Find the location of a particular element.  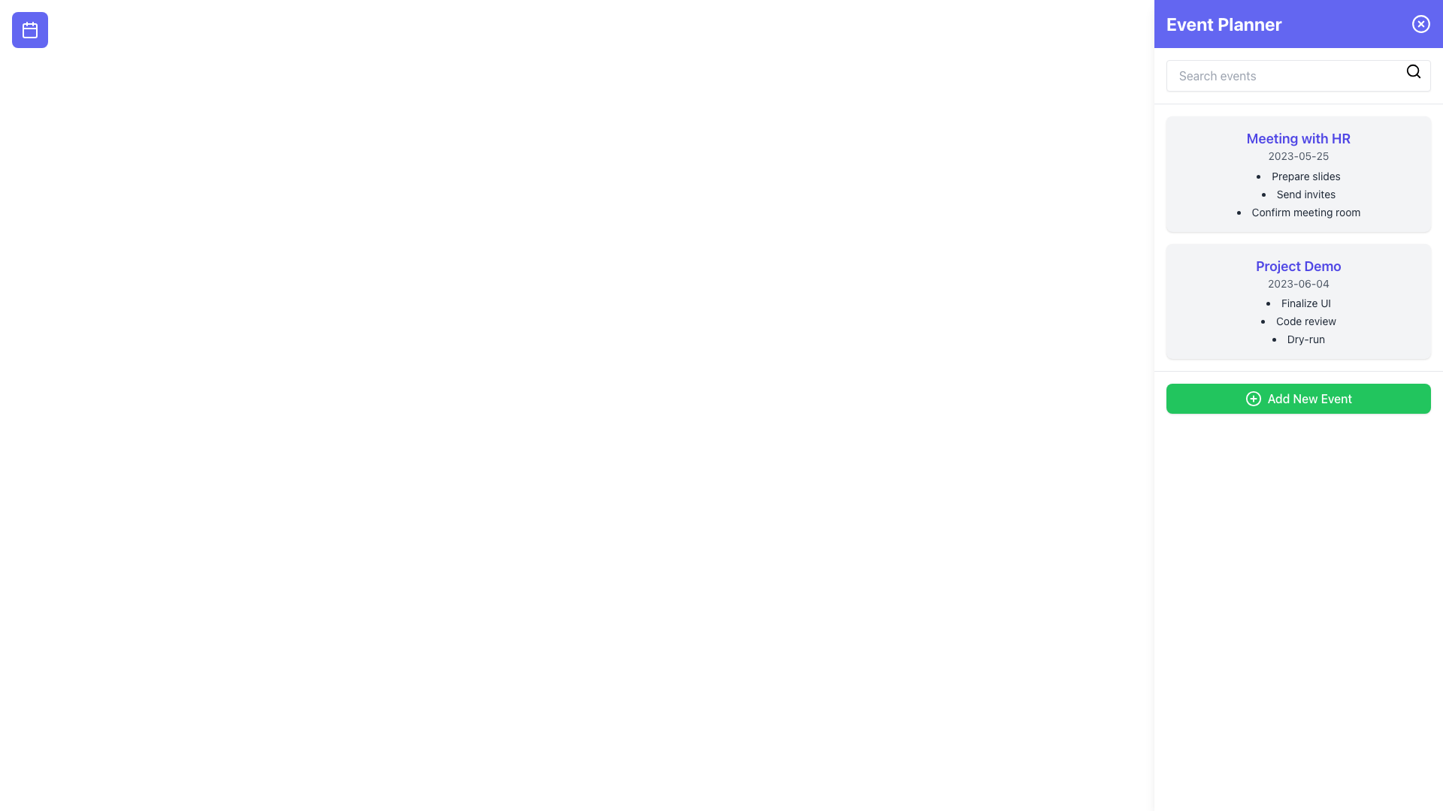

date information displayed in the text label, which shows '2023-06-04' in a small, gray font beneath the 'Project Demo' title is located at coordinates (1298, 283).